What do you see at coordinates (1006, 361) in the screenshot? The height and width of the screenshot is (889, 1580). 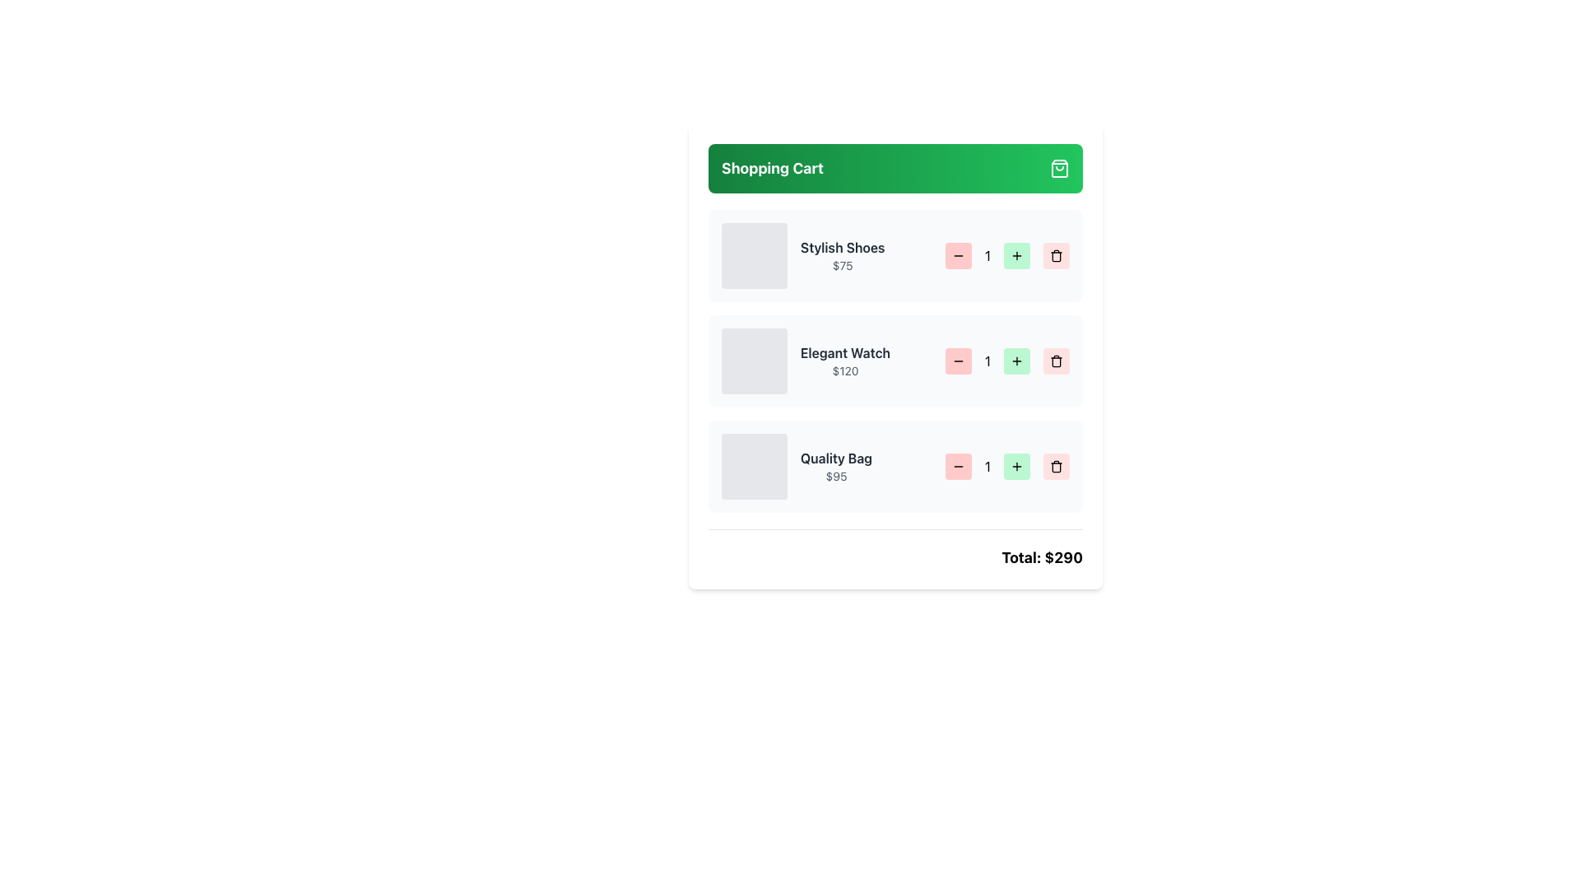 I see `the button that increases the quantity of the 'Elegant Watch' item in the shopping cart, located to the right of the numeric display and to the left of the delete icon` at bounding box center [1006, 361].